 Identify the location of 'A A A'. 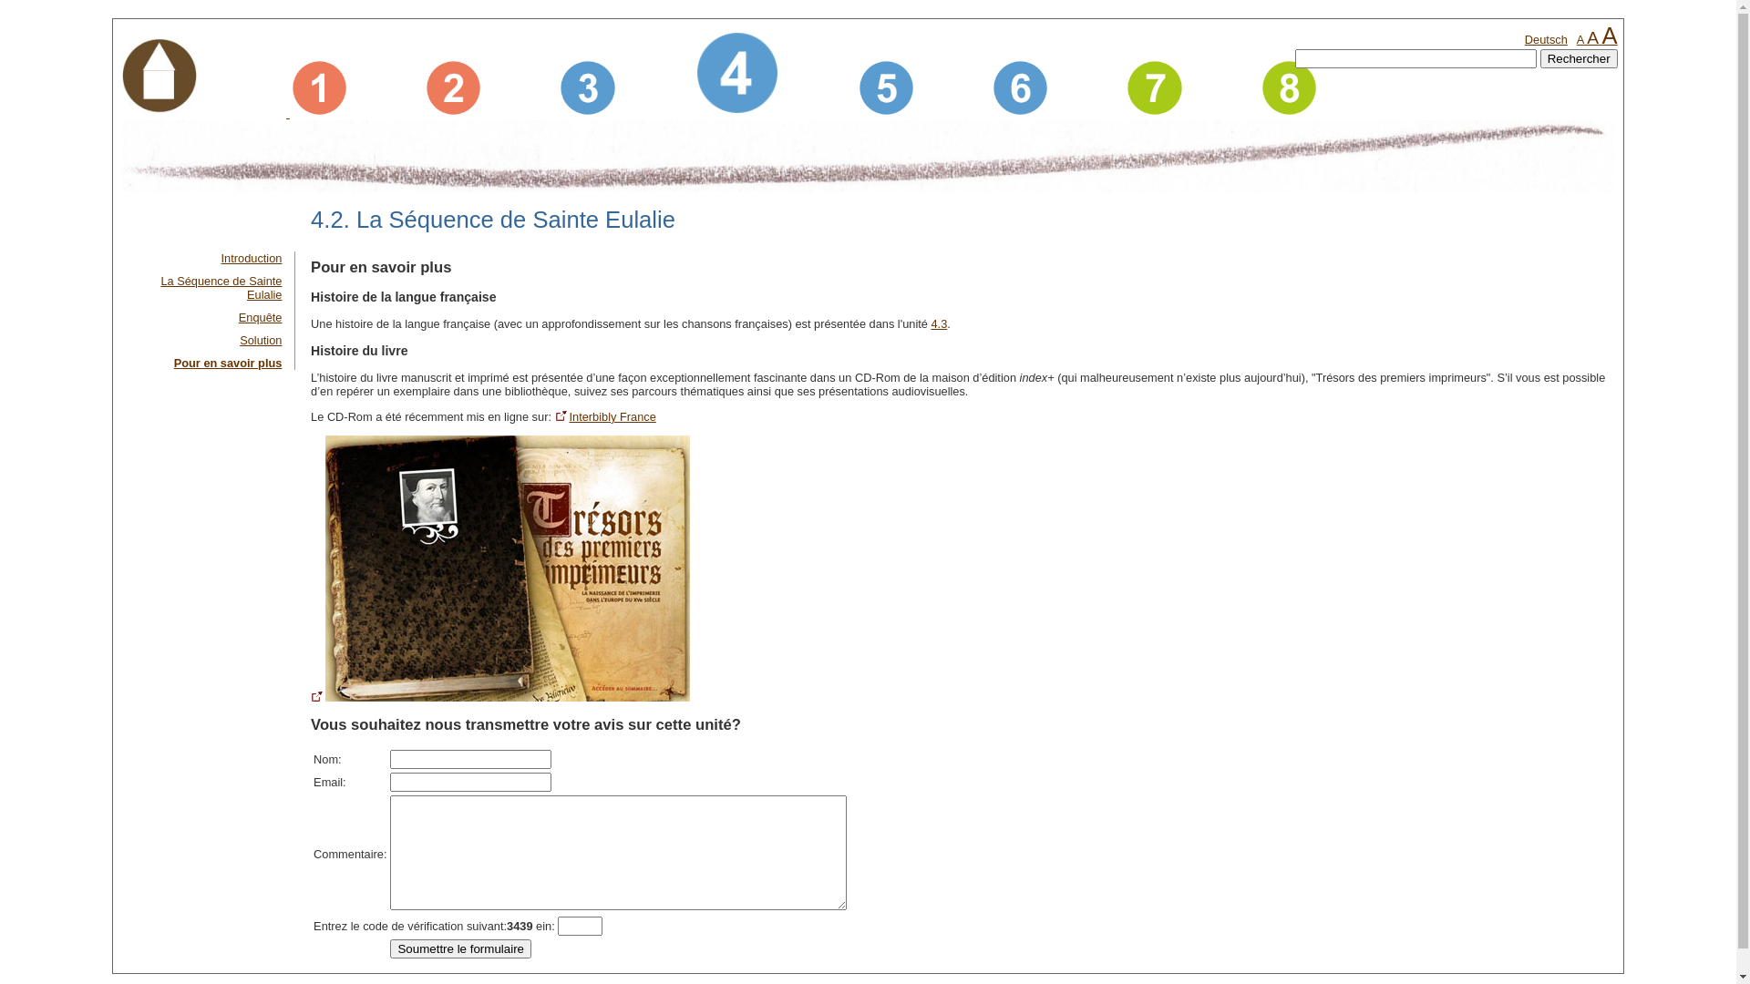
(1596, 39).